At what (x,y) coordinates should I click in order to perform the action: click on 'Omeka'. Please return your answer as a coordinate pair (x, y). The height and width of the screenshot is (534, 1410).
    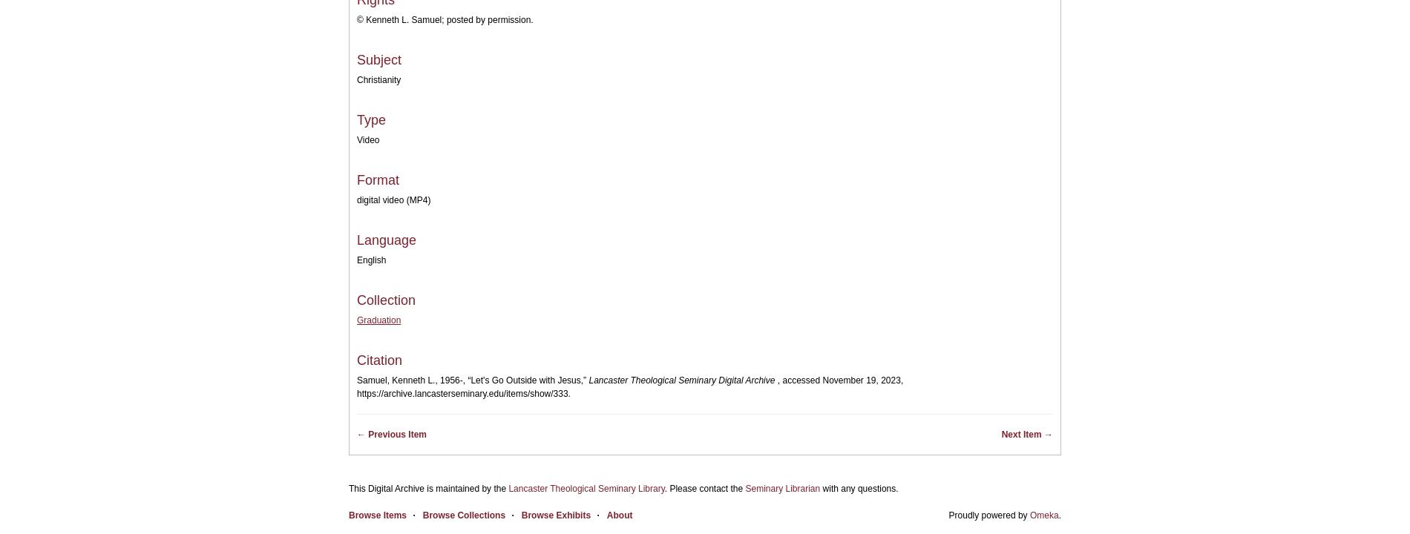
    Looking at the image, I should click on (1043, 515).